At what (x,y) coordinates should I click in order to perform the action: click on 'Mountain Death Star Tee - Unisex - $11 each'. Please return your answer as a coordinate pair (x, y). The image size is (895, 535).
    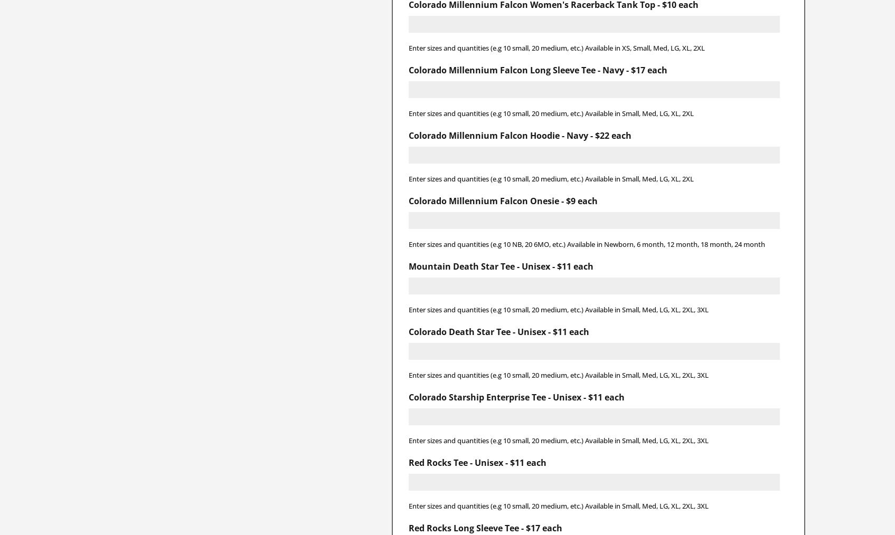
    Looking at the image, I should click on (501, 265).